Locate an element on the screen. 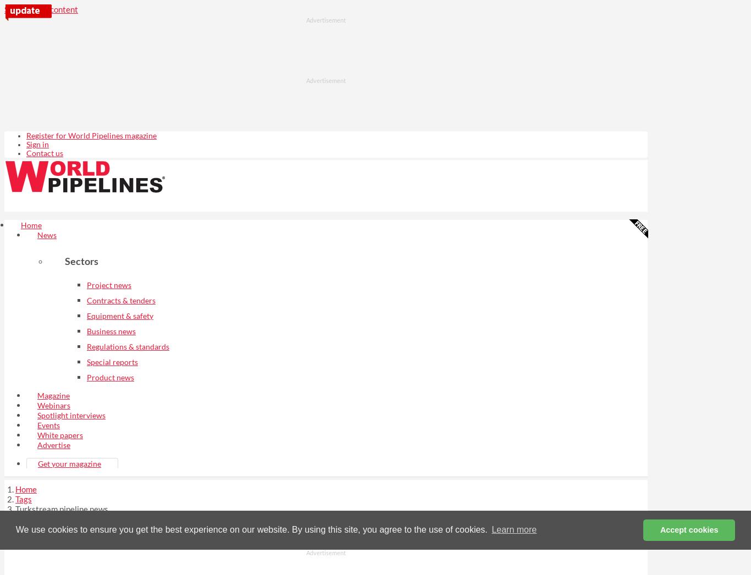  'Sign in' is located at coordinates (37, 144).